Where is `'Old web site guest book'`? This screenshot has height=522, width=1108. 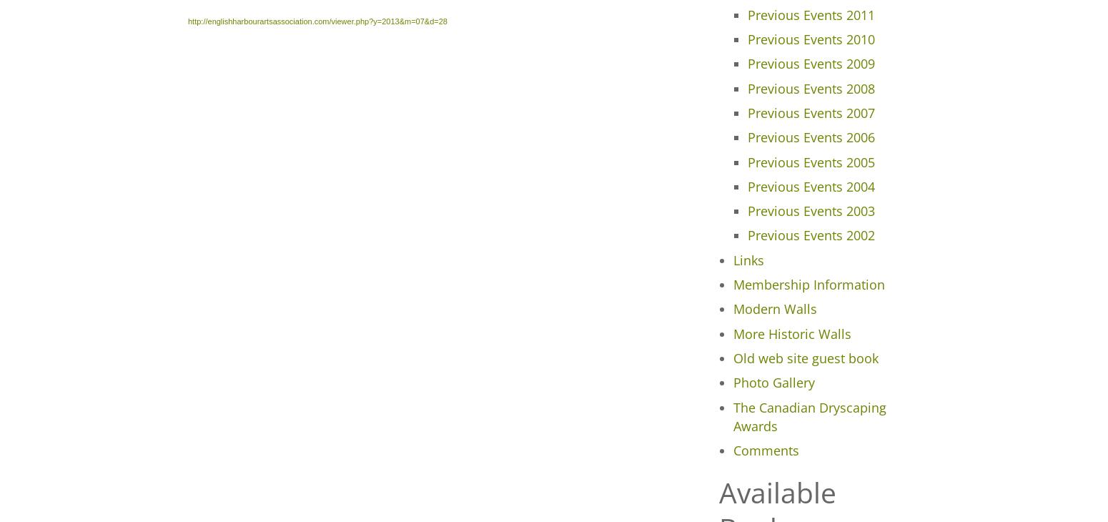 'Old web site guest book' is located at coordinates (804, 356).